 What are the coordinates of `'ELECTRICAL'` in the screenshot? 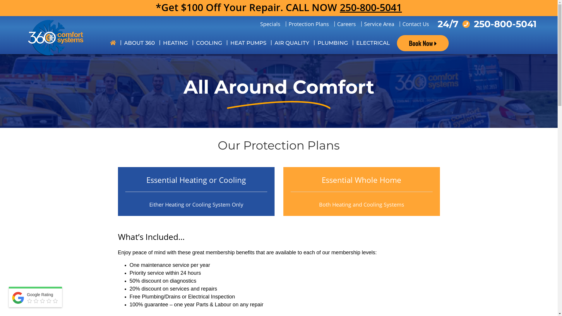 It's located at (352, 43).